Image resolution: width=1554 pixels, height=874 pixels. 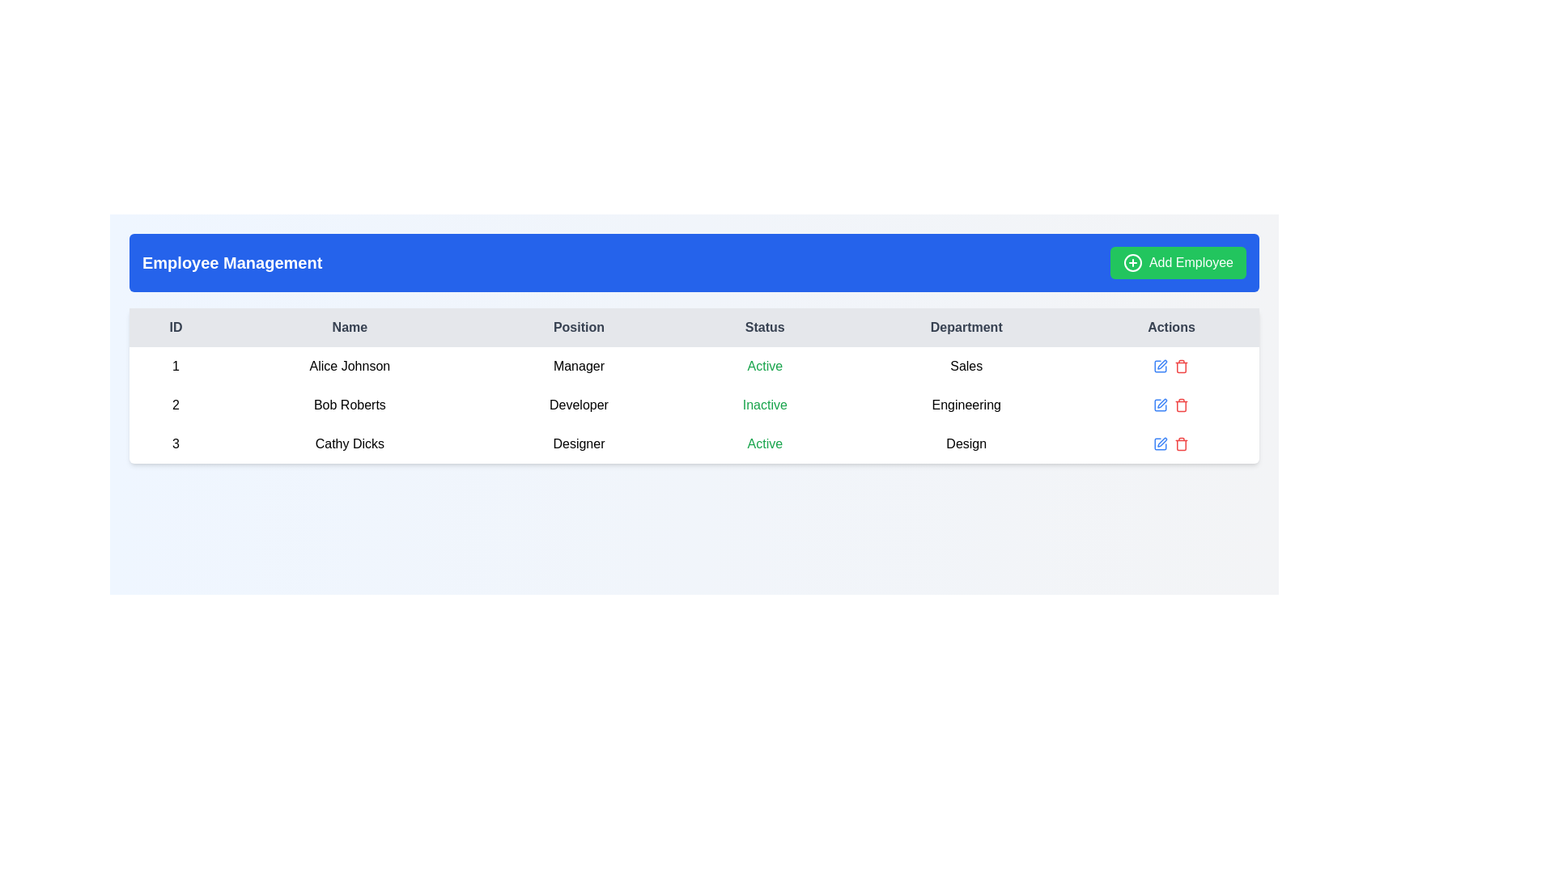 What do you see at coordinates (764, 443) in the screenshot?
I see `the text label reading 'Active', which is styled with a green color font and located in the fourth column of the third row under the 'Status' header in the table` at bounding box center [764, 443].